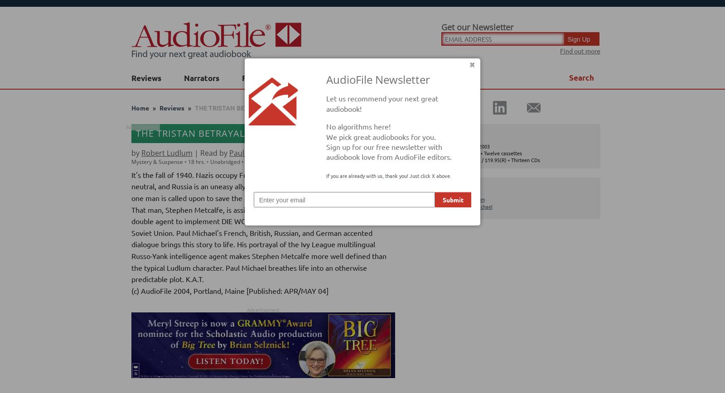  Describe the element at coordinates (250, 153) in the screenshot. I see `'Paul Michael'` at that location.